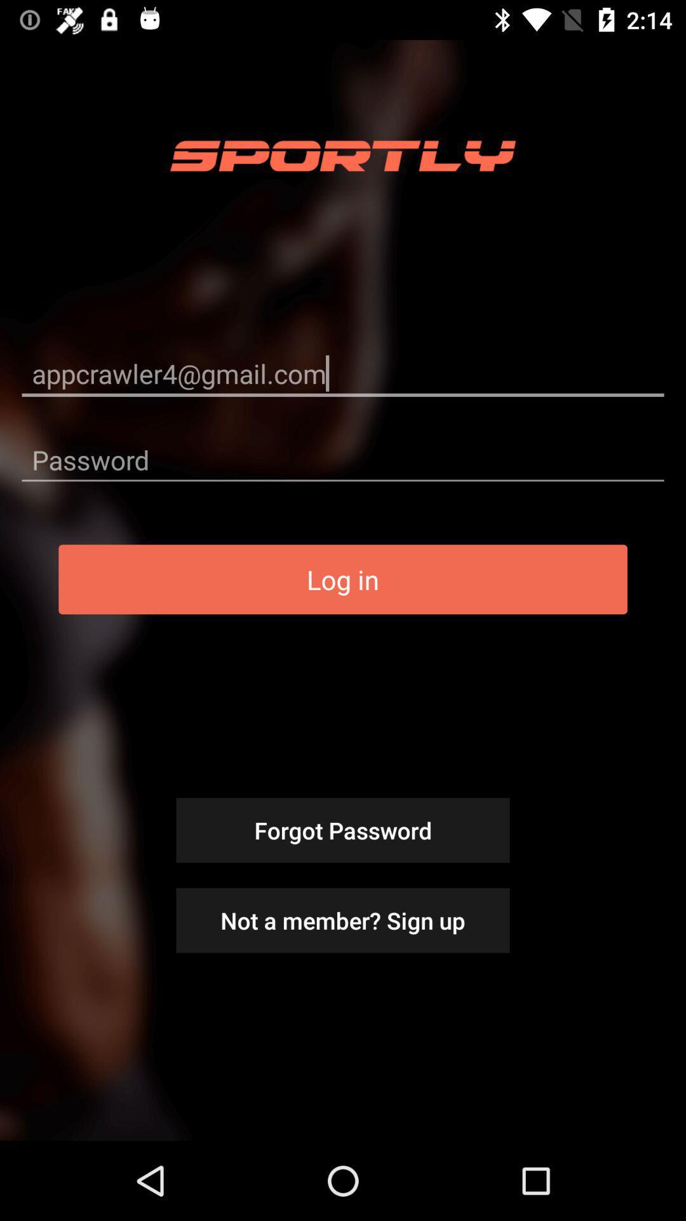 The height and width of the screenshot is (1221, 686). I want to click on item below the forgot password item, so click(343, 920).